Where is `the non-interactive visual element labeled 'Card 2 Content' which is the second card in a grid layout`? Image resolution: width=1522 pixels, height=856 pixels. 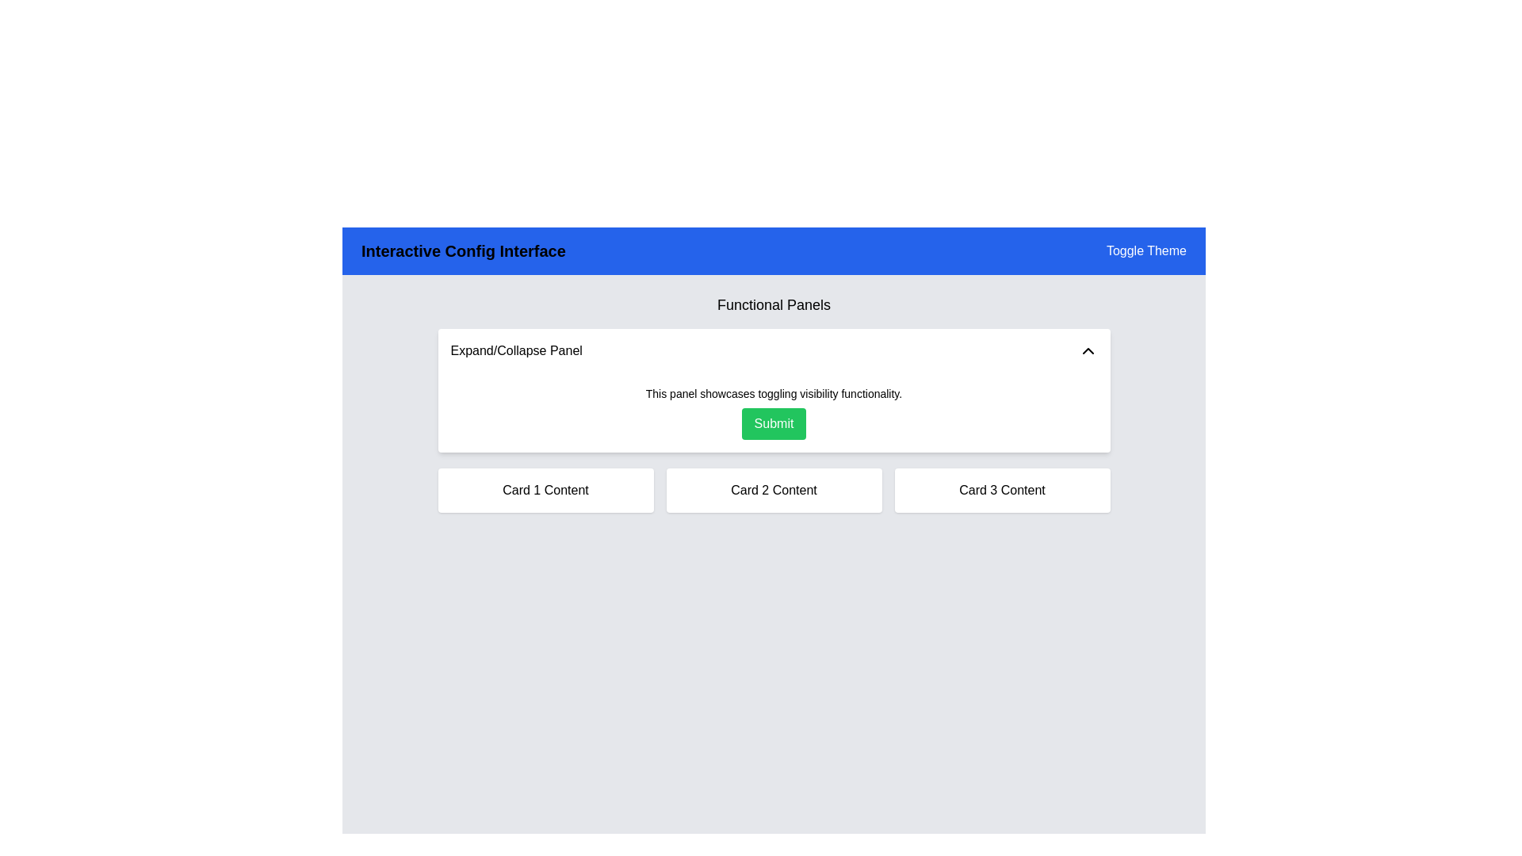
the non-interactive visual element labeled 'Card 2 Content' which is the second card in a grid layout is located at coordinates (774, 489).